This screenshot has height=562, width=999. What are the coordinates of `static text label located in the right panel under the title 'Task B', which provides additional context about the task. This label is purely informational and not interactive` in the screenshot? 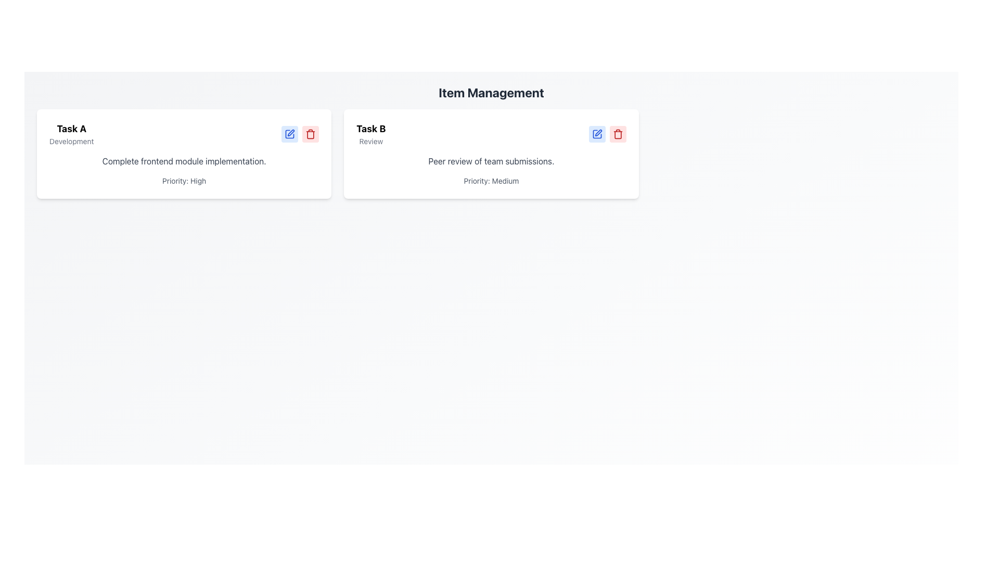 It's located at (371, 142).